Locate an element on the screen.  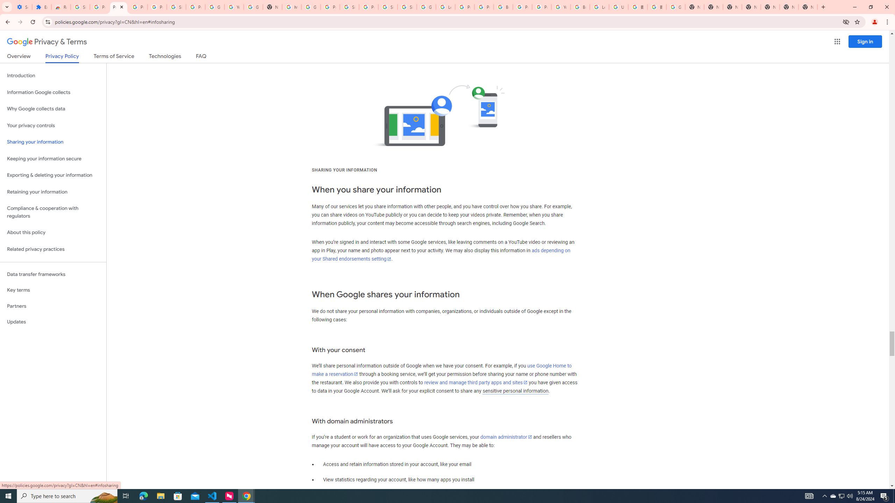
'Related privacy practices' is located at coordinates (53, 249).